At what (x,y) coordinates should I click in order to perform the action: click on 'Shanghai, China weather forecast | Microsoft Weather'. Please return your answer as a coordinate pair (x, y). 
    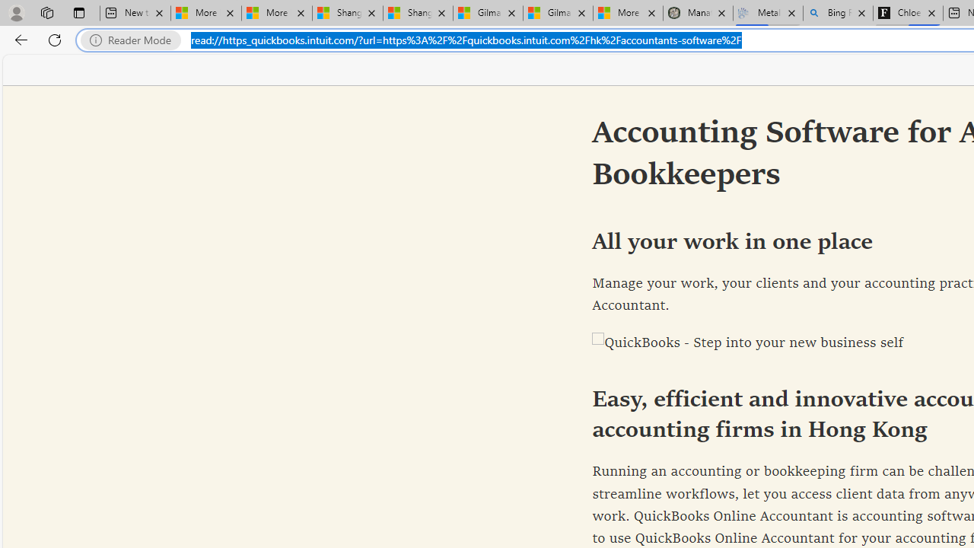
    Looking at the image, I should click on (418, 13).